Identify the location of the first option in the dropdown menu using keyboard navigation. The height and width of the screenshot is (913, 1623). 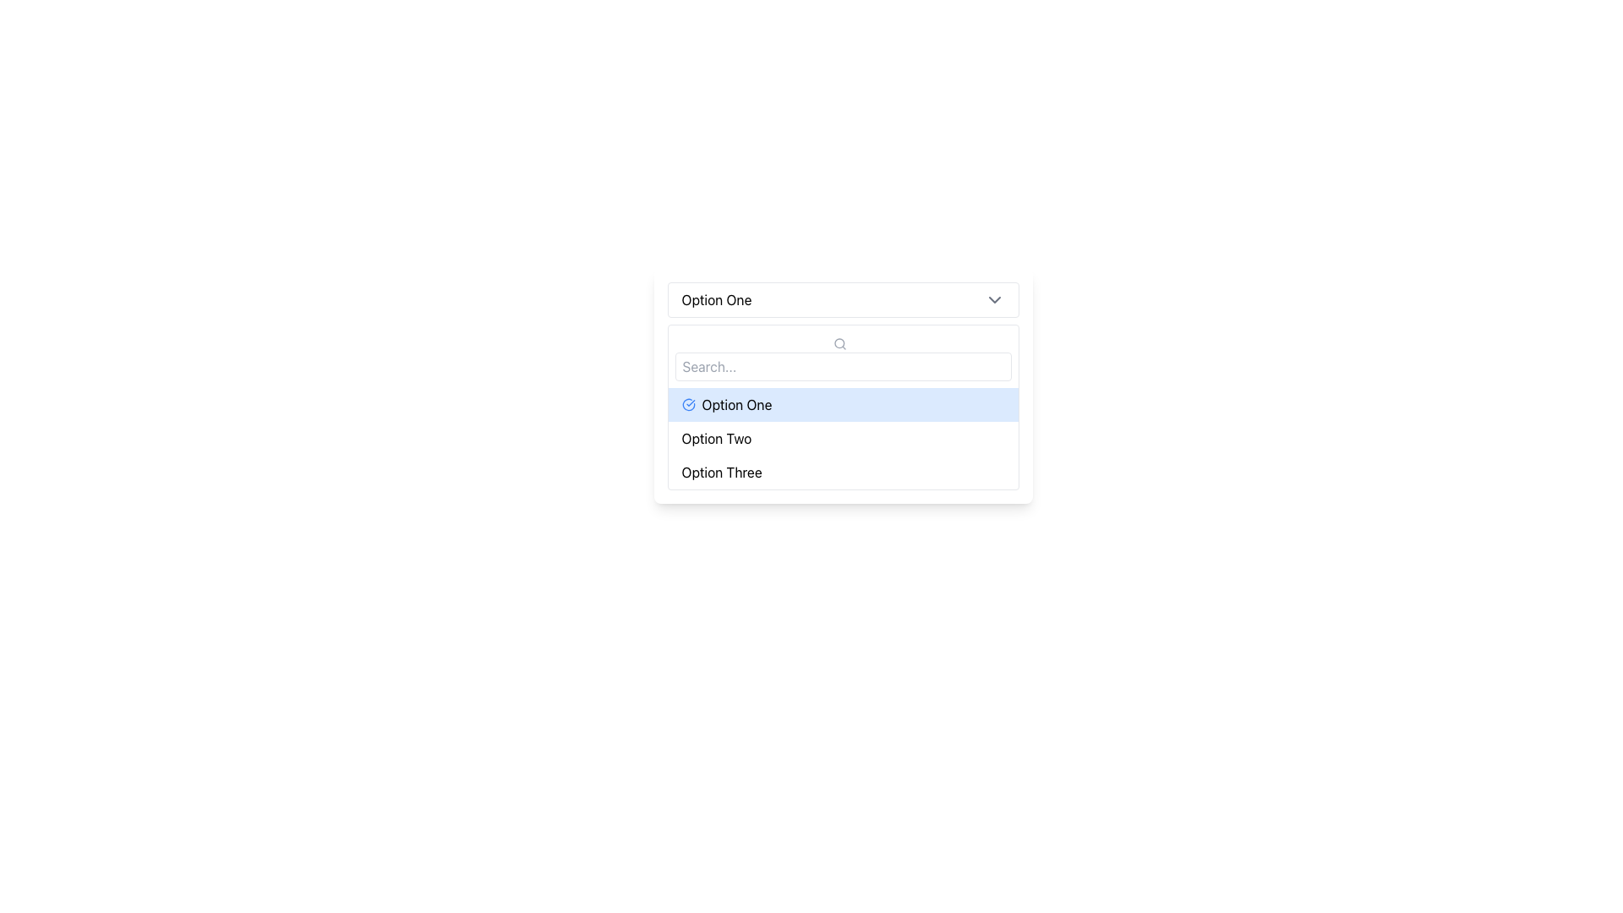
(843, 404).